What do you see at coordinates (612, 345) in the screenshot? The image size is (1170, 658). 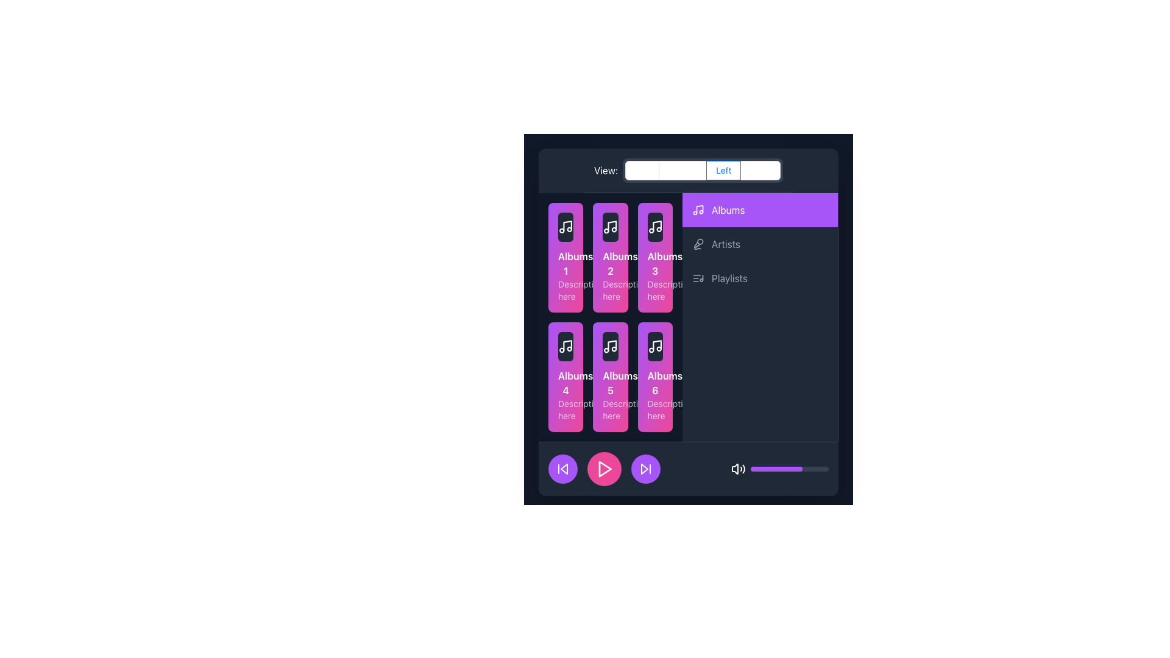 I see `the vertical part of the music note icon located within the fifth album card on the second row of the album grid in the left section of the application` at bounding box center [612, 345].